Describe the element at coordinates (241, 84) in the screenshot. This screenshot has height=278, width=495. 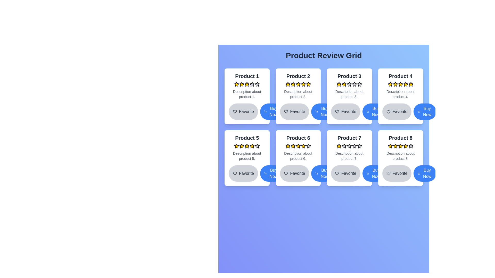
I see `the second star icon` at that location.